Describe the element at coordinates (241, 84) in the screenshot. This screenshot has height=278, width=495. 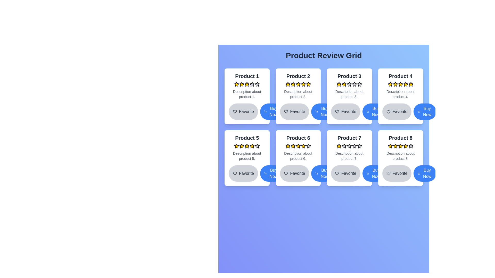
I see `the second star icon` at that location.